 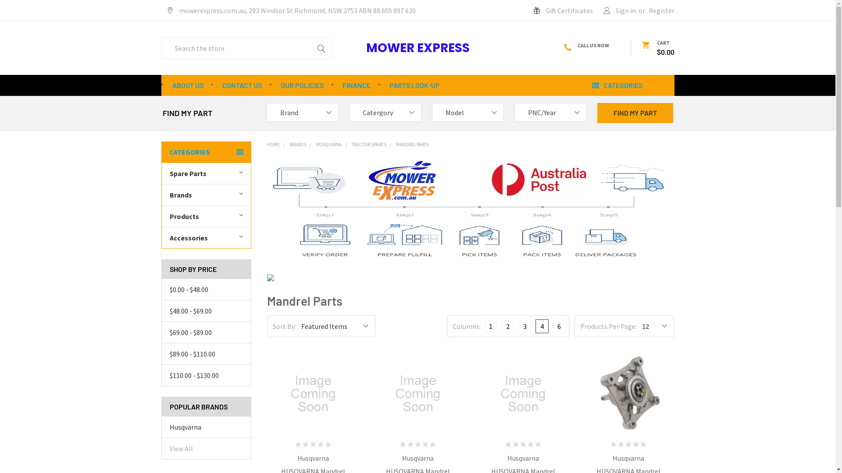 I want to click on 'Search', so click(x=321, y=48).